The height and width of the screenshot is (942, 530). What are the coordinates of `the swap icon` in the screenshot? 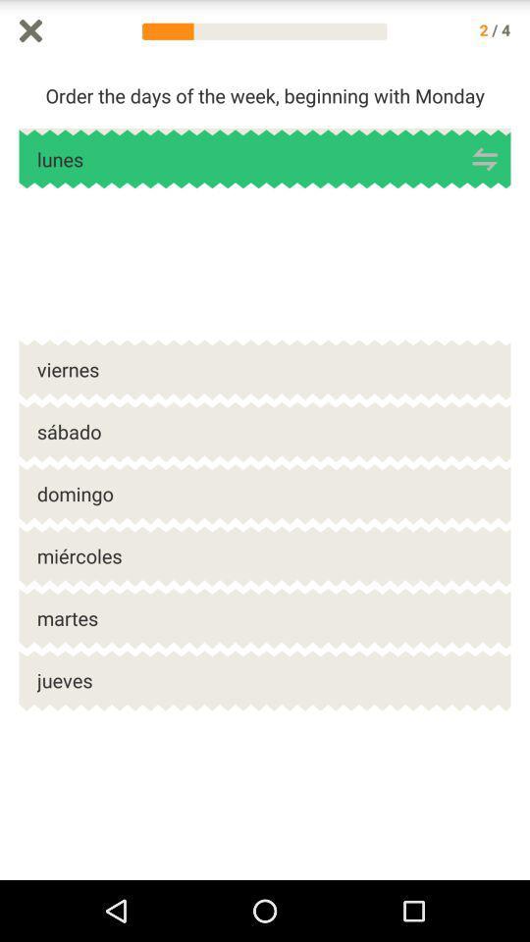 It's located at (484, 169).